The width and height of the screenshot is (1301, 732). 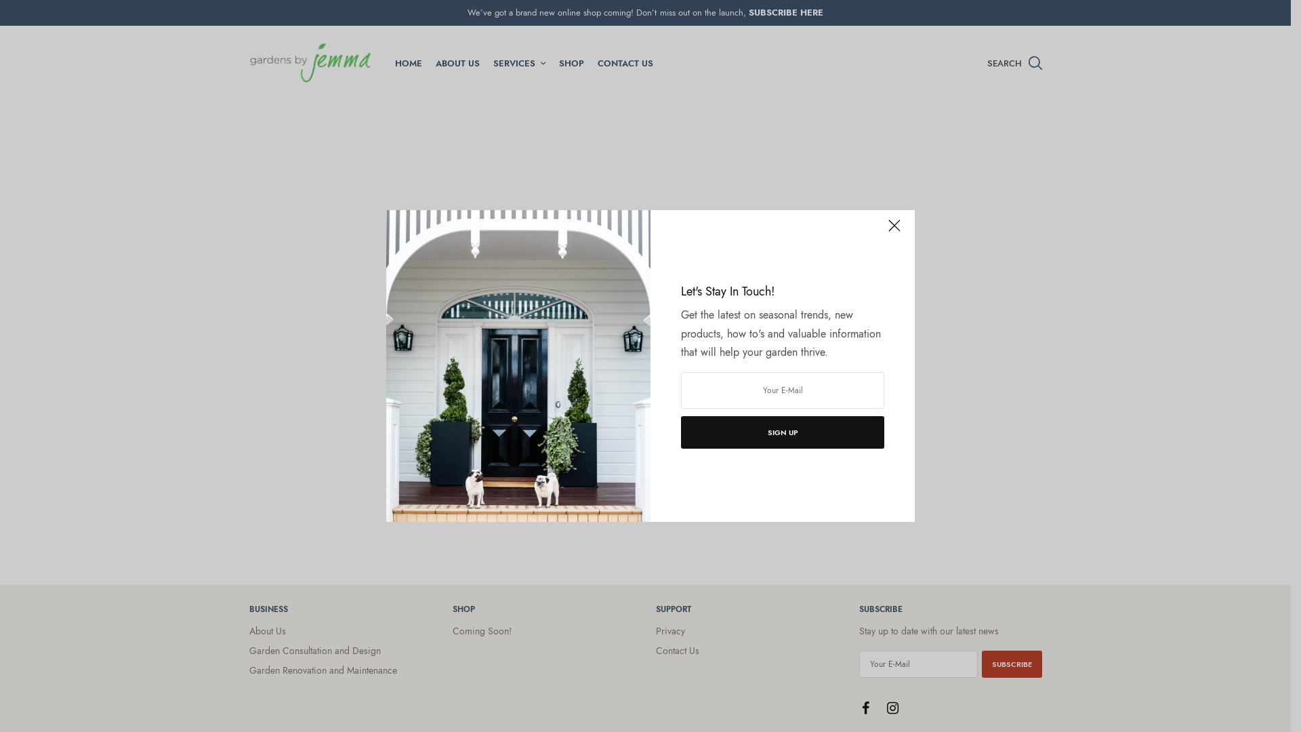 I want to click on 'HOME', so click(x=407, y=63).